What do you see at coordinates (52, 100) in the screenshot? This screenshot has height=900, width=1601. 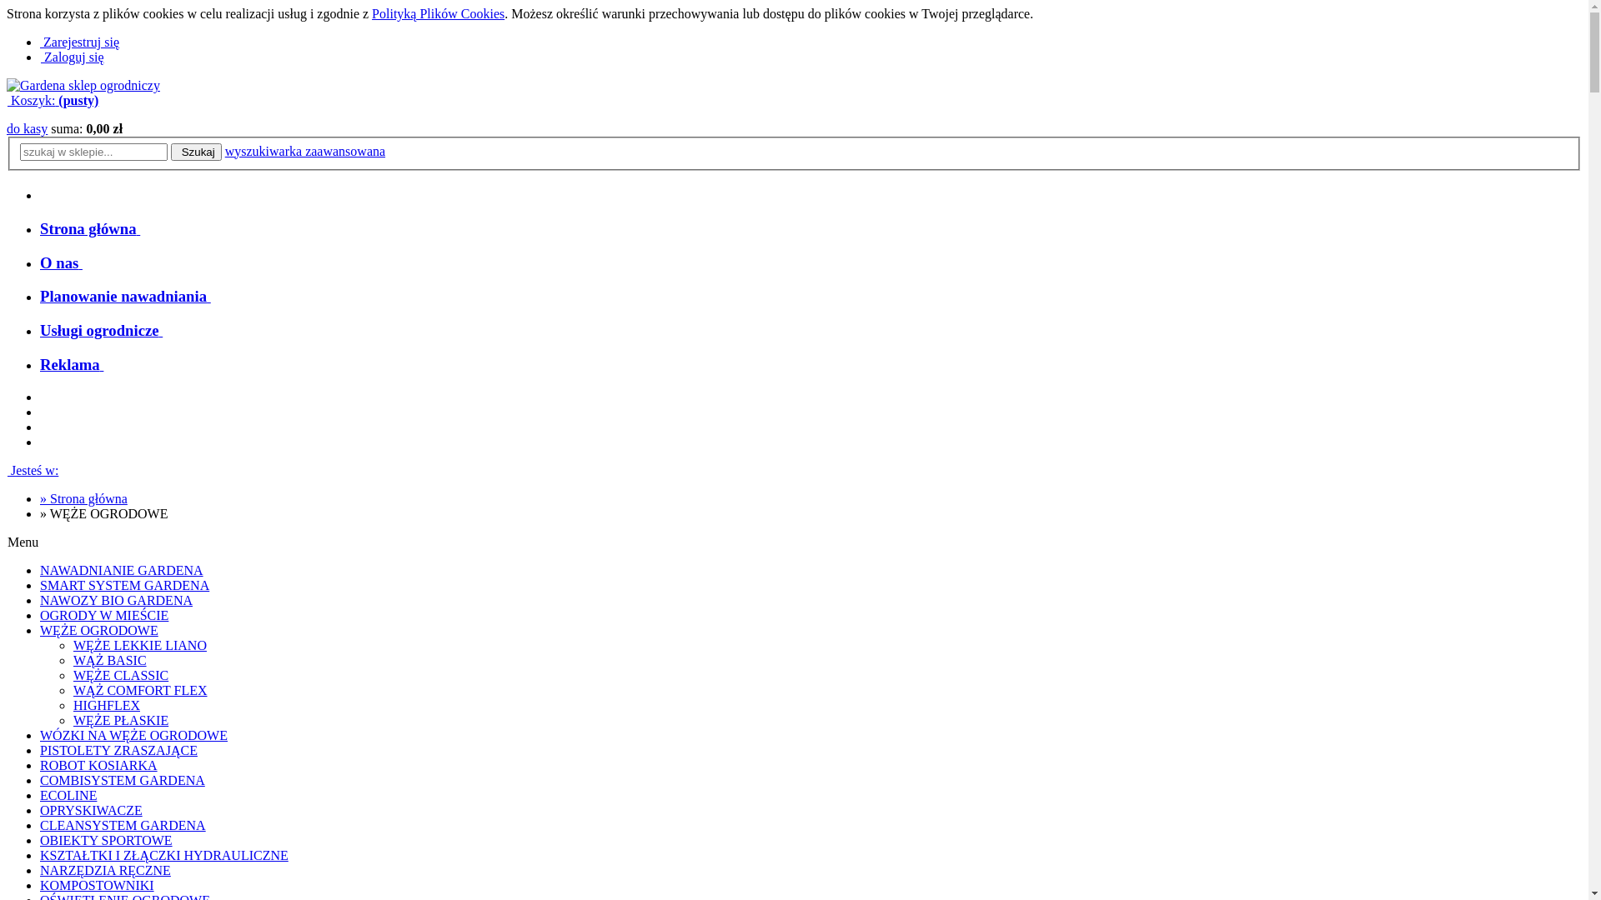 I see `'Koszyk: (pusty)'` at bounding box center [52, 100].